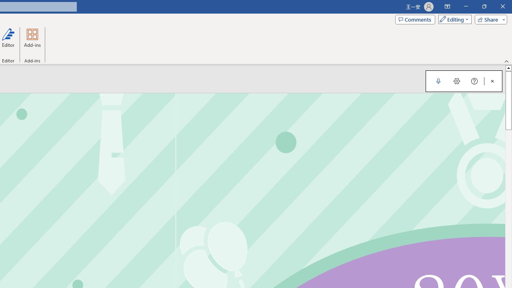  I want to click on 'Line up', so click(508, 67).